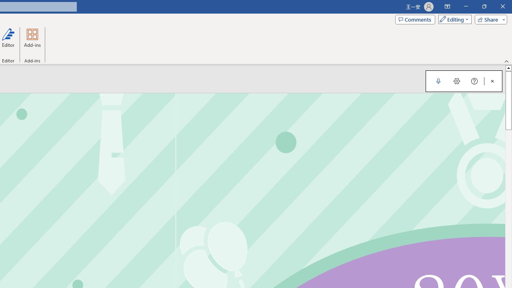  I want to click on 'Line up', so click(508, 67).